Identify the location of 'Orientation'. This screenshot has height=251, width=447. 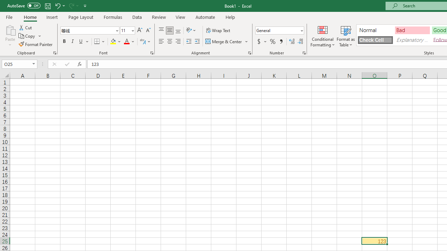
(191, 30).